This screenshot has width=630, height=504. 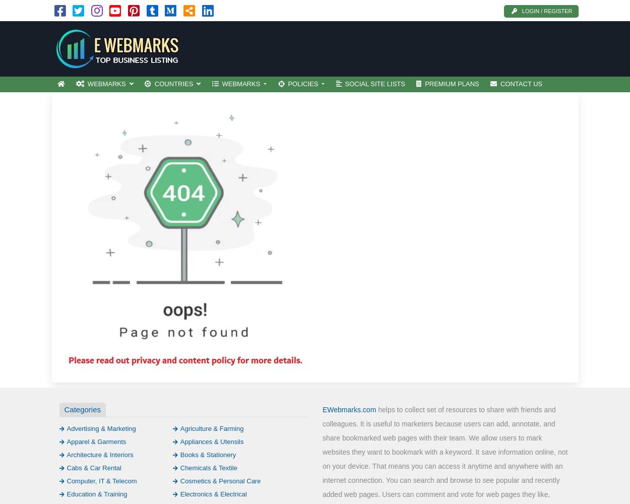 I want to click on 'Cabs & Car Rental', so click(x=93, y=467).